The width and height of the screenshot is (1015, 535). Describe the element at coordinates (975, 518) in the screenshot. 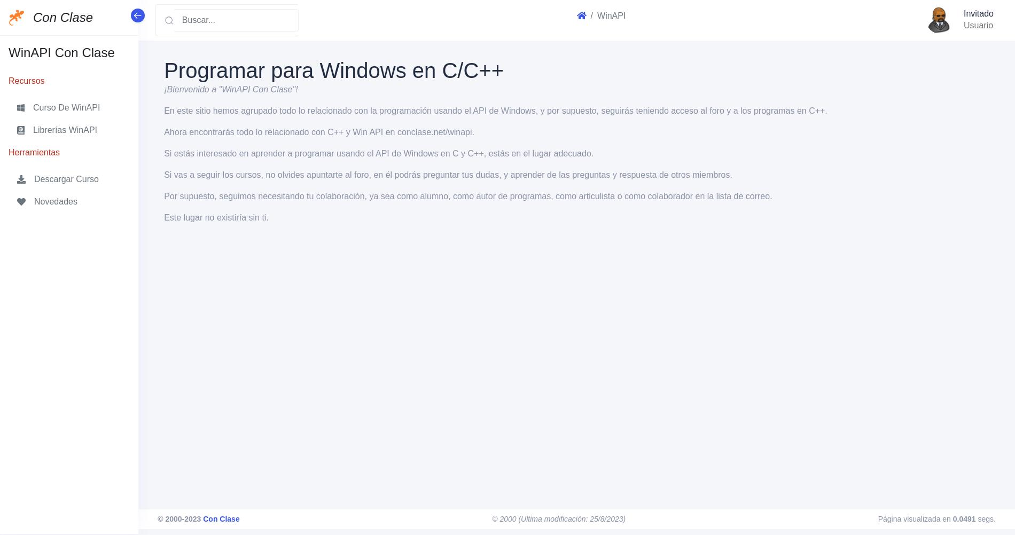

I see `'segs.'` at that location.